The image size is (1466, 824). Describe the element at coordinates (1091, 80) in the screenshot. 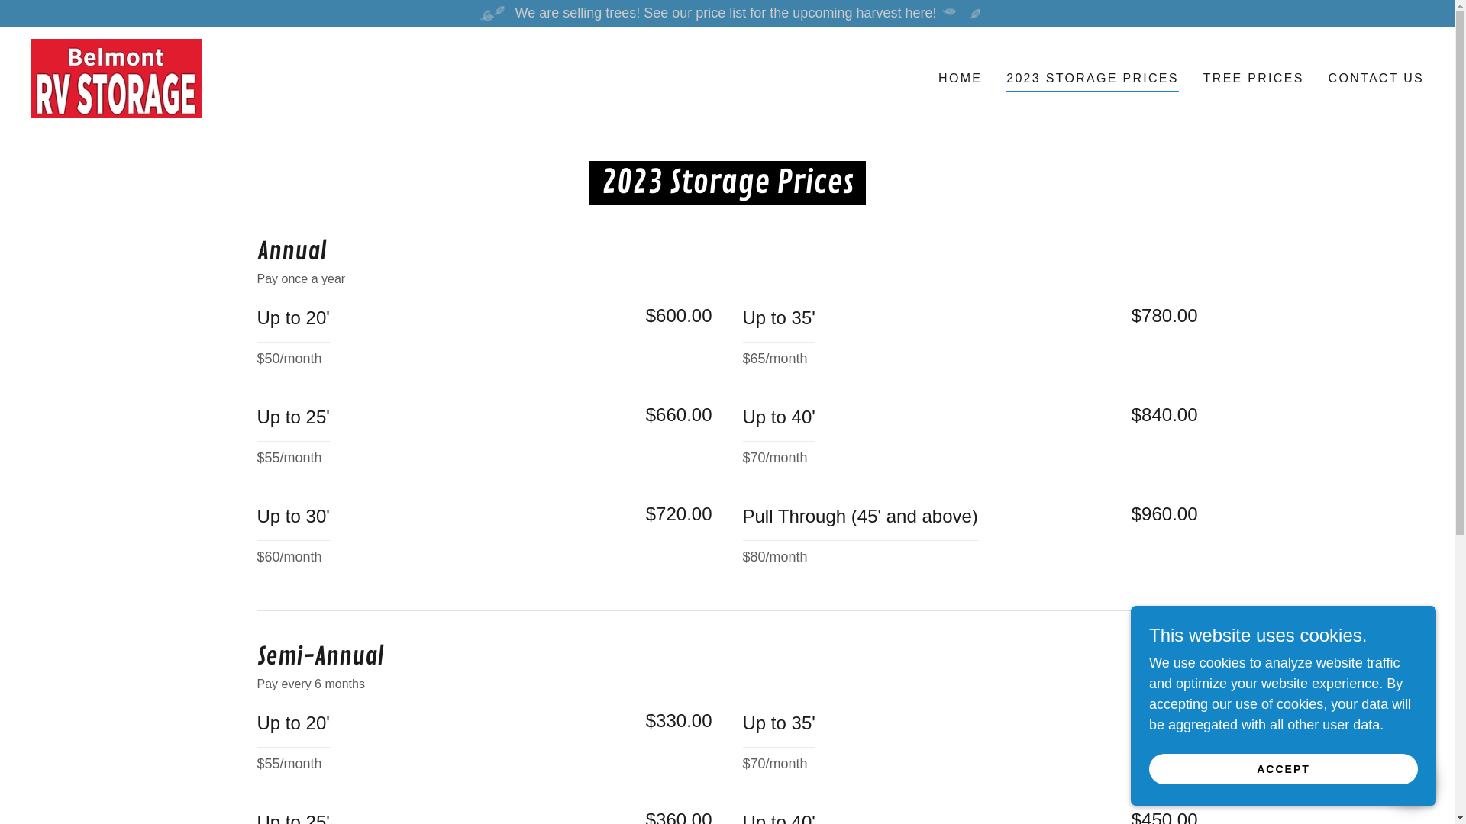

I see `'2023 STORAGE PRICES'` at that location.